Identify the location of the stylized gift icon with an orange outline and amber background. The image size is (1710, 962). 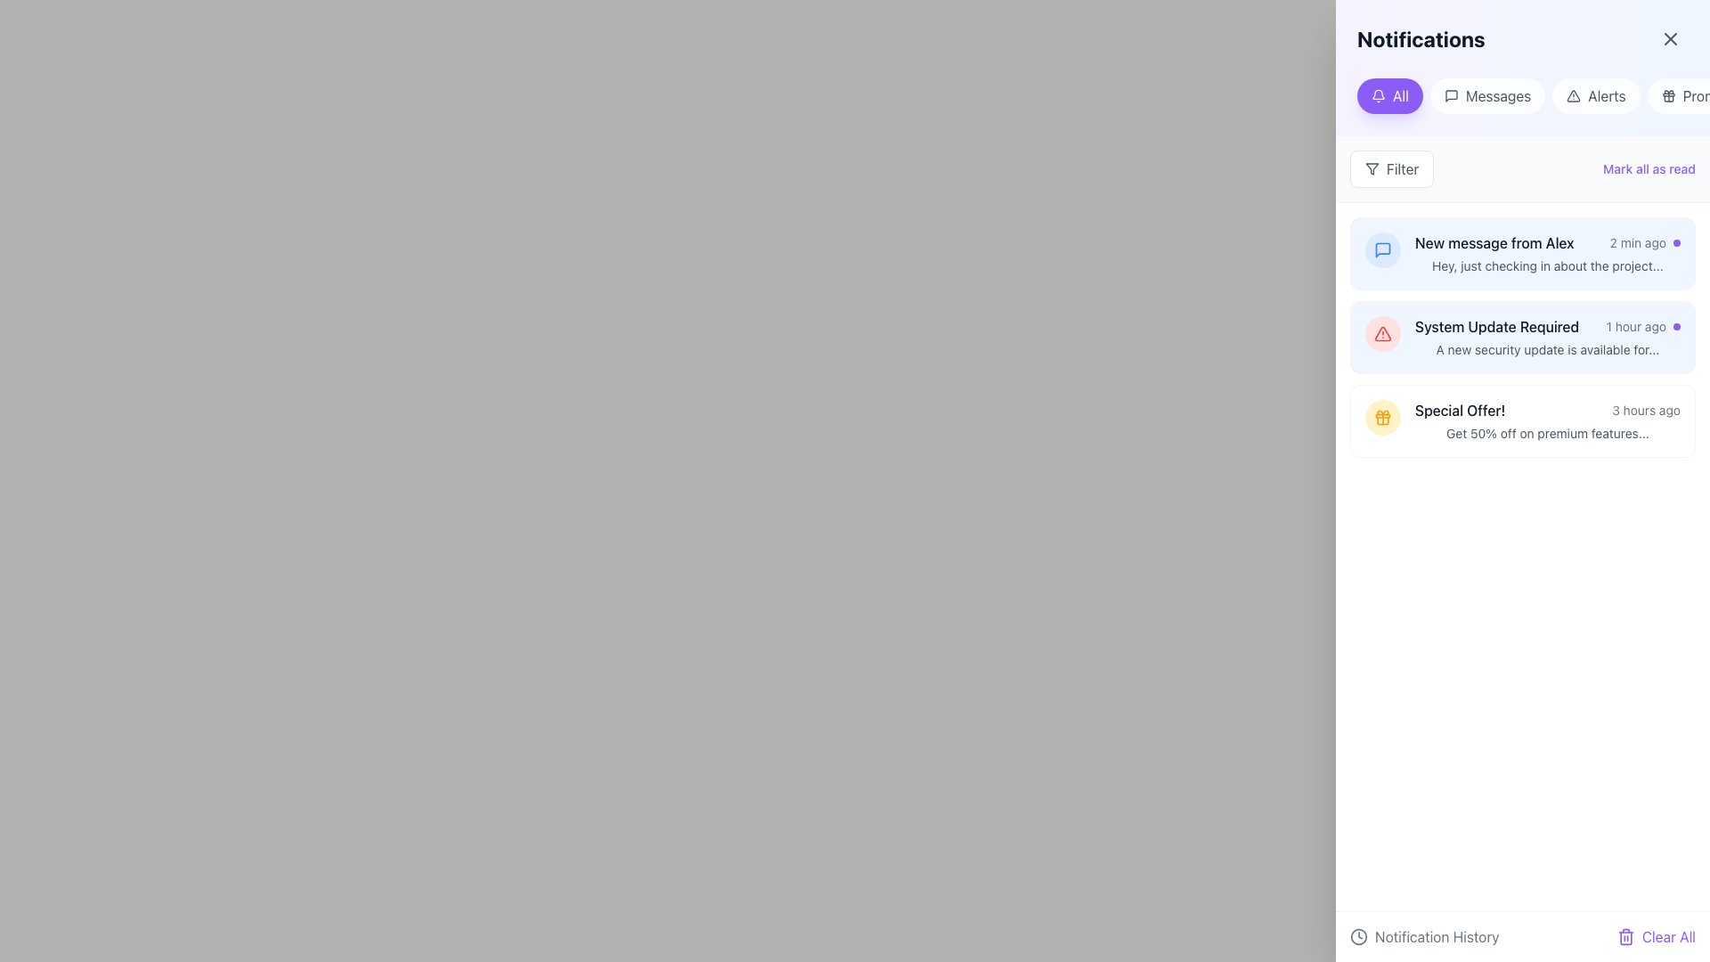
(1382, 418).